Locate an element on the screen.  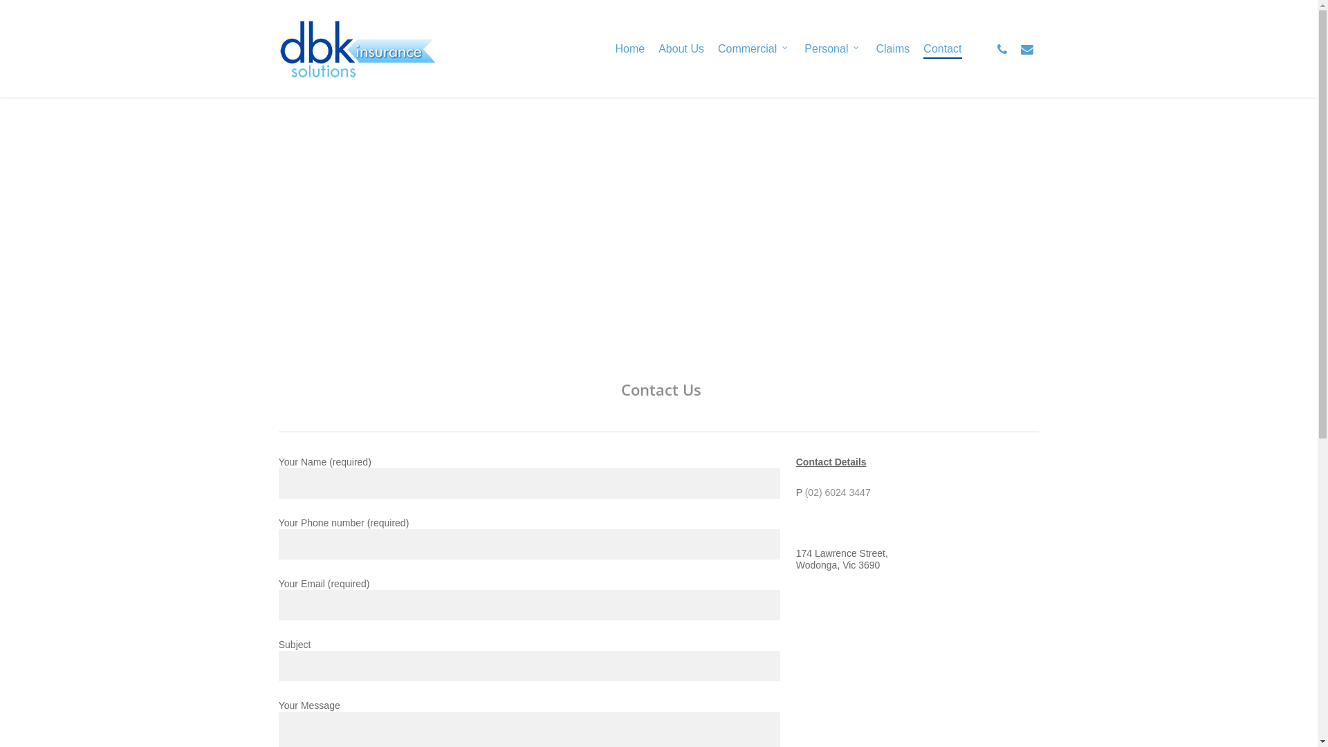
'Home' is located at coordinates (629, 47).